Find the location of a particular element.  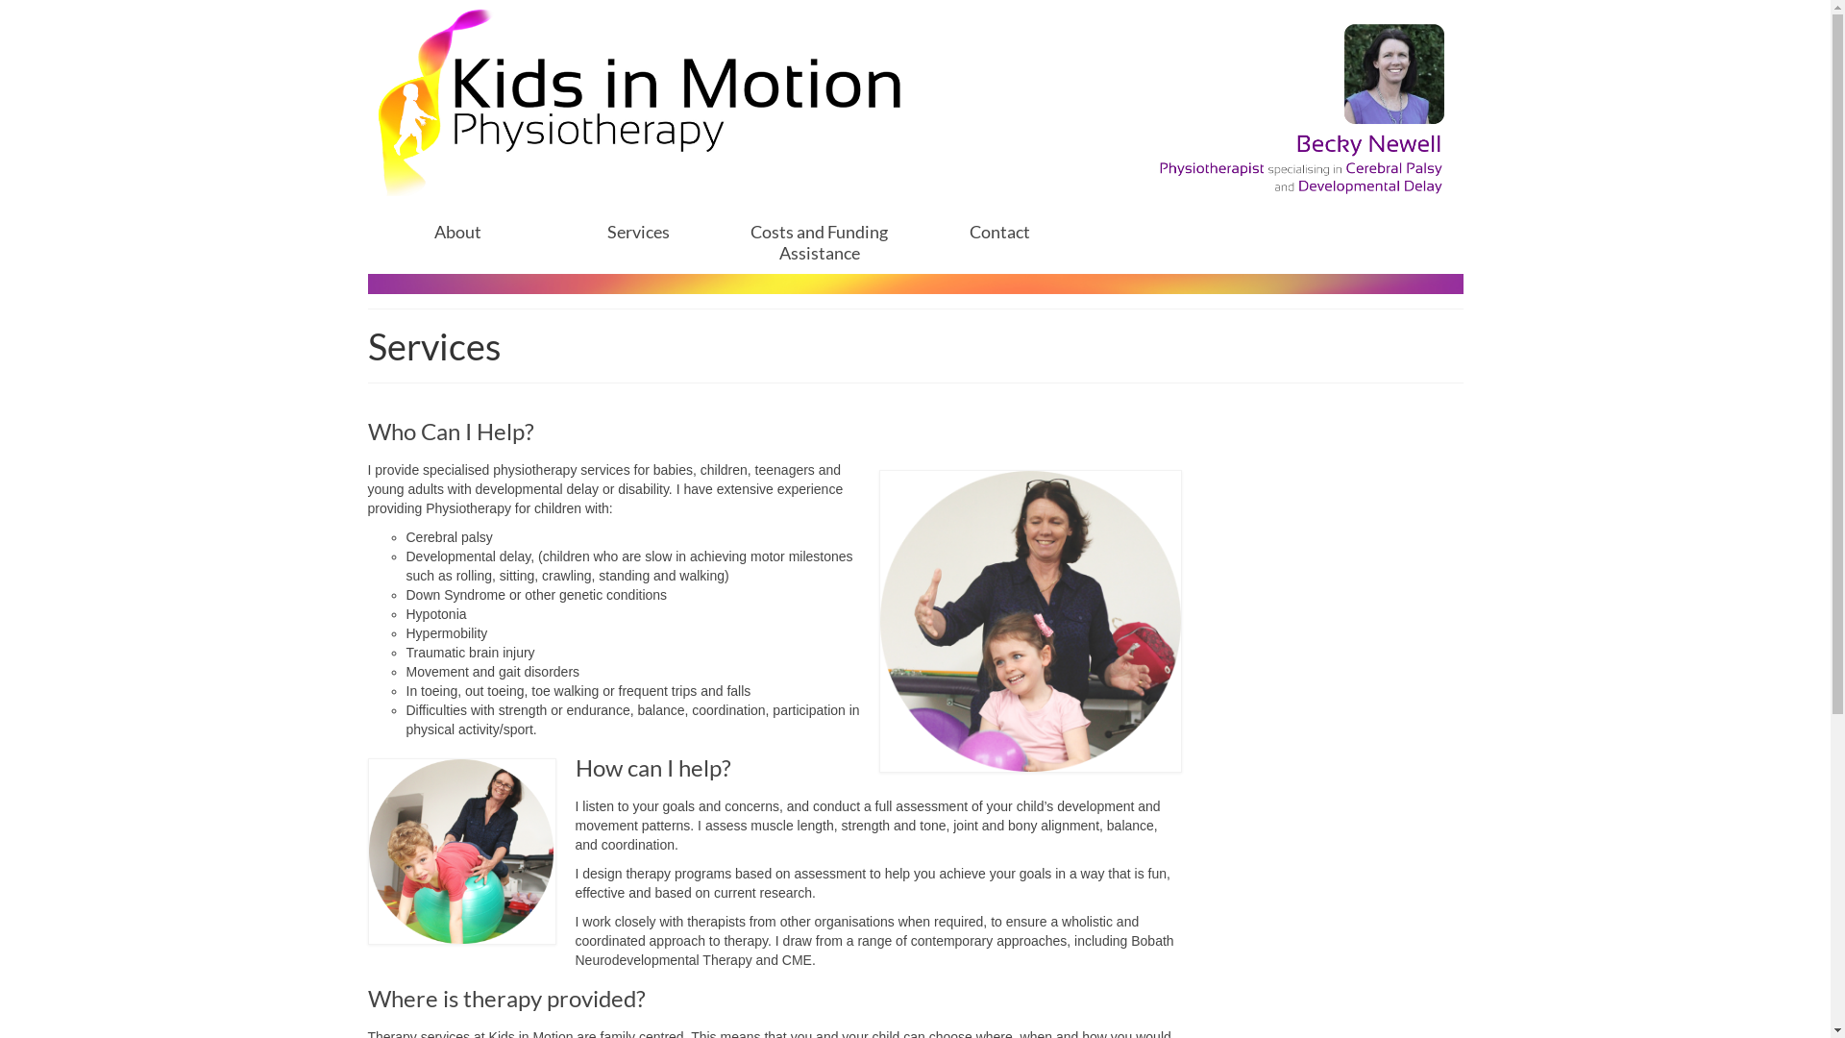

'About' is located at coordinates (455, 230).